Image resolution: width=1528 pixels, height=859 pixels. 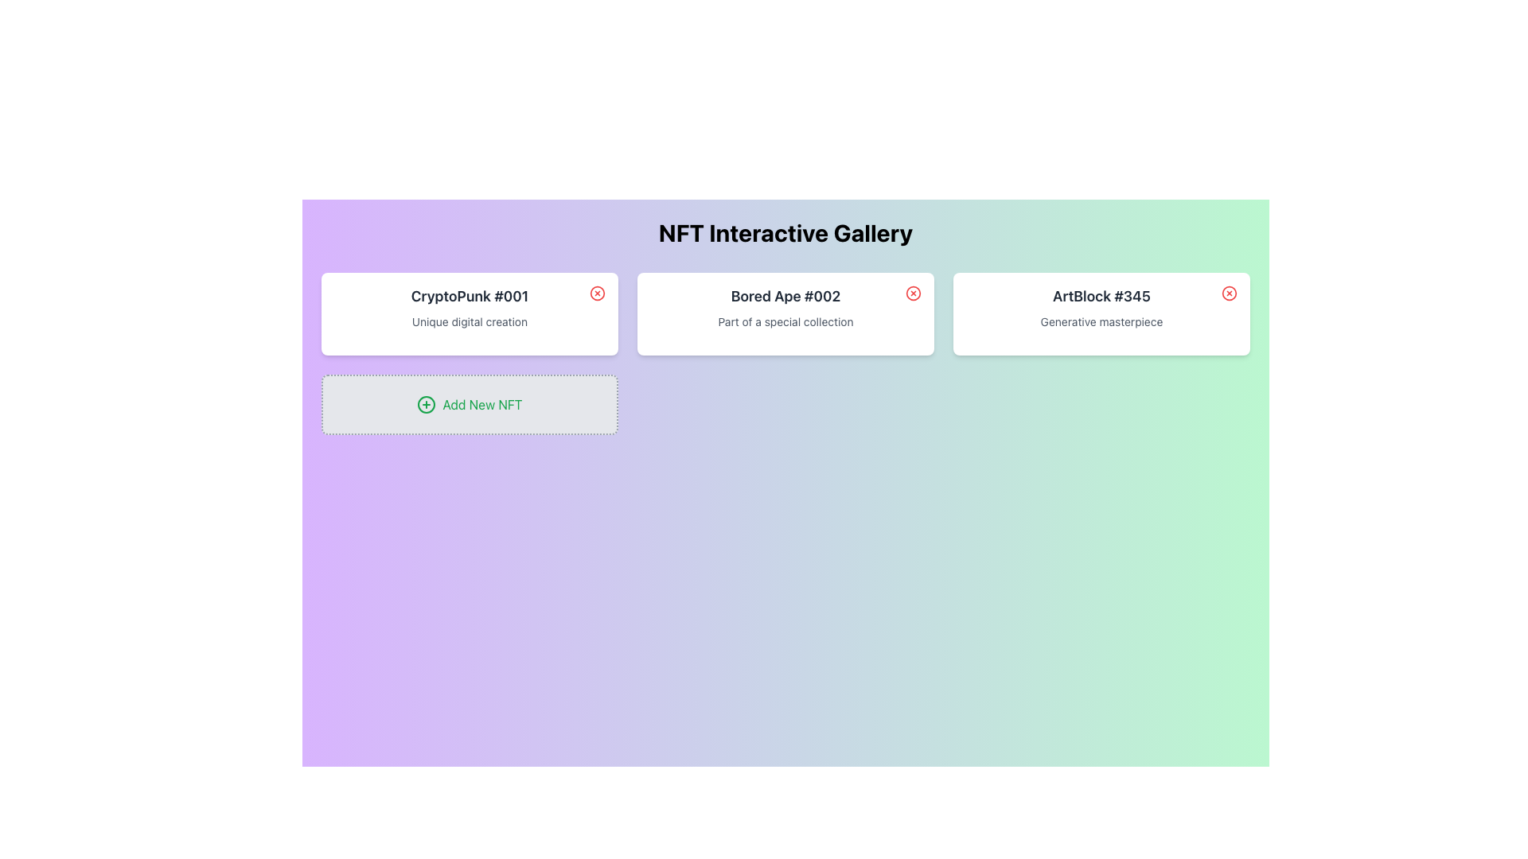 I want to click on the text label that reads 'Generative masterpiece', which is styled in a small font size and gray color, located beneath the bold title within the card labeled 'ArtBlock #345', so click(x=1101, y=322).